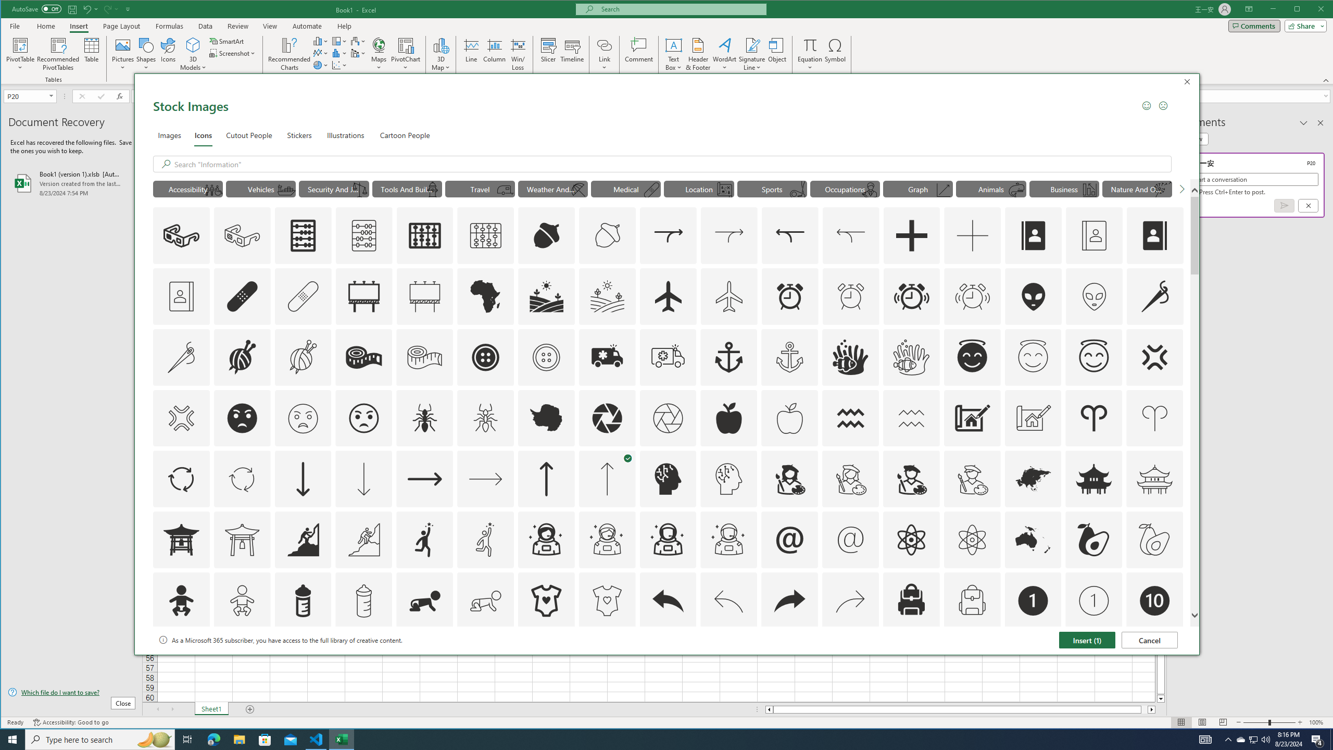  I want to click on 'Send a Frown', so click(1163, 105).